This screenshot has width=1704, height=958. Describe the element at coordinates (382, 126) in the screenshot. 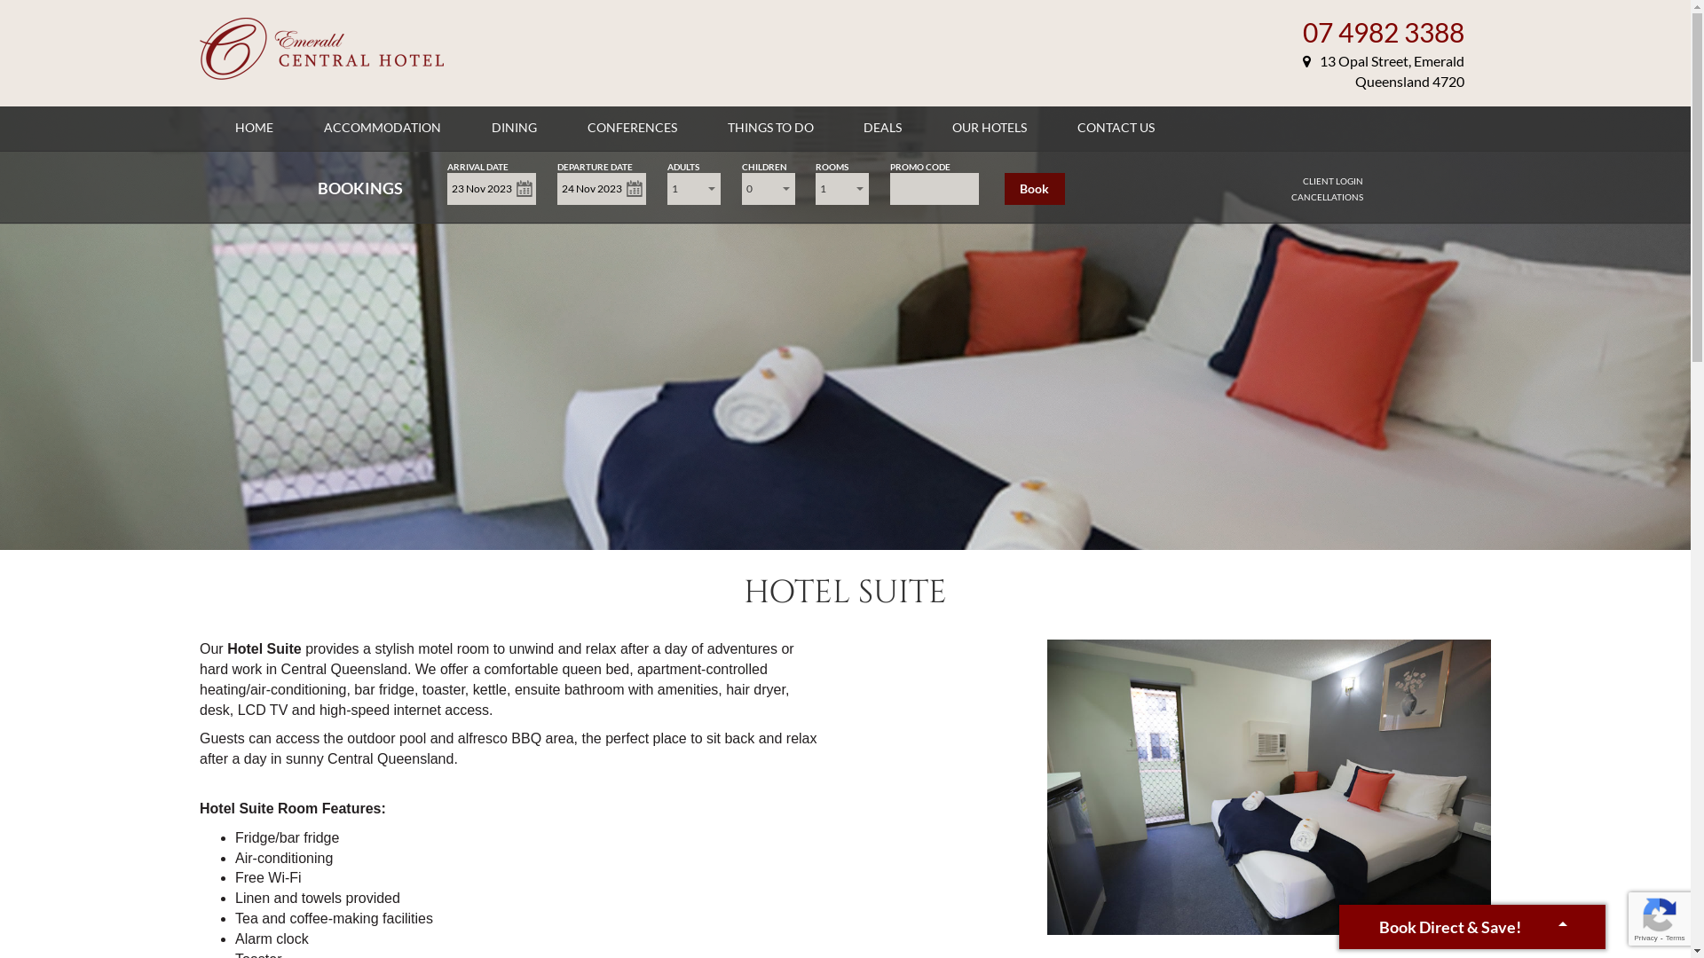

I see `'ACCOMMODATION'` at that location.